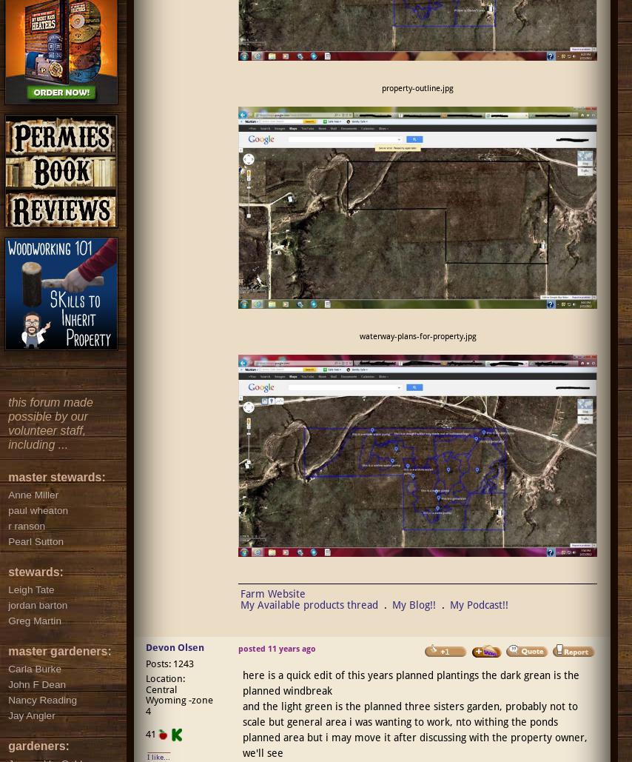 Image resolution: width=632 pixels, height=762 pixels. I want to click on 'Leigh Tate', so click(31, 589).